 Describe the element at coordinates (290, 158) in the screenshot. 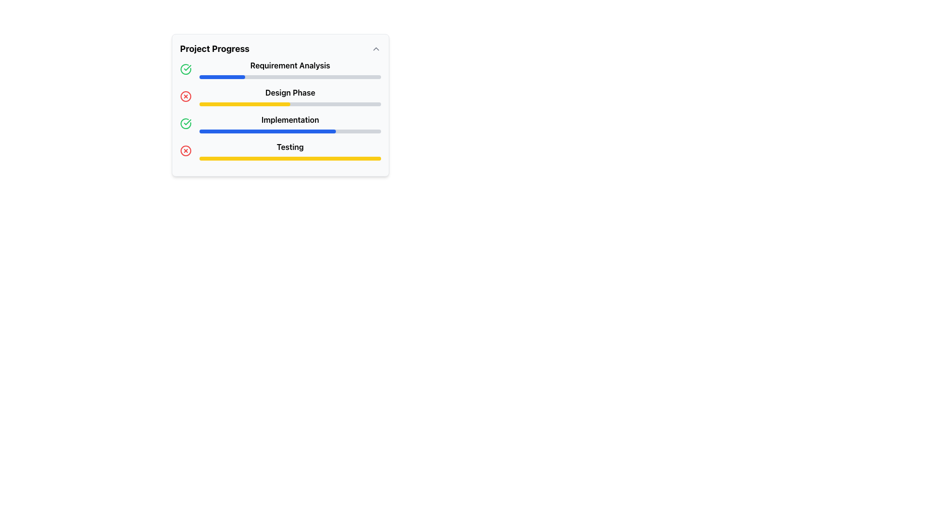

I see `the fourth progress bar representing the 'Testing' phase in the 'Project Progress' section` at that location.